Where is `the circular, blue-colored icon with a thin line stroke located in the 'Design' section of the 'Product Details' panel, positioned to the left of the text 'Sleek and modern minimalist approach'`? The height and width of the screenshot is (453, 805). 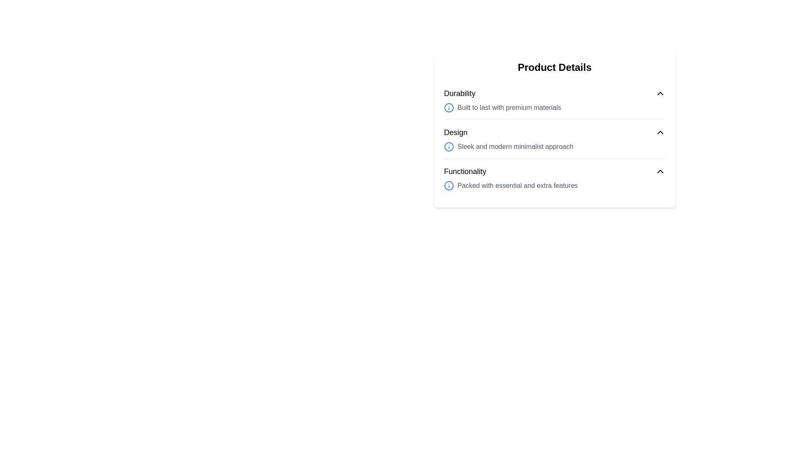
the circular, blue-colored icon with a thin line stroke located in the 'Design' section of the 'Product Details' panel, positioned to the left of the text 'Sleek and modern minimalist approach' is located at coordinates (448, 146).